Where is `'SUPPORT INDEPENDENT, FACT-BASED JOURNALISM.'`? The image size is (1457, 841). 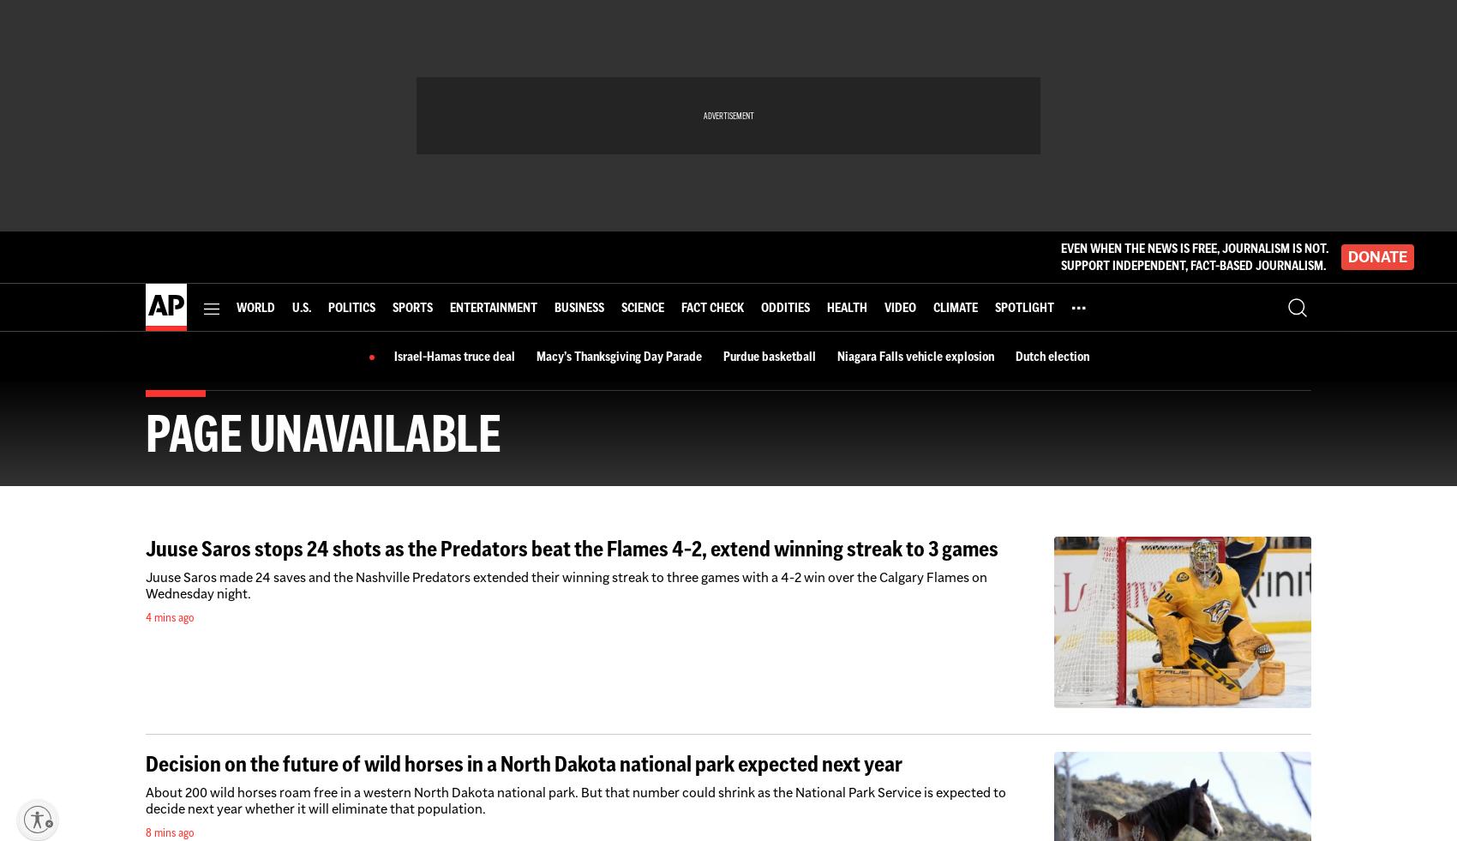
'SUPPORT INDEPENDENT, FACT-BASED JOURNALISM.' is located at coordinates (1059, 264).